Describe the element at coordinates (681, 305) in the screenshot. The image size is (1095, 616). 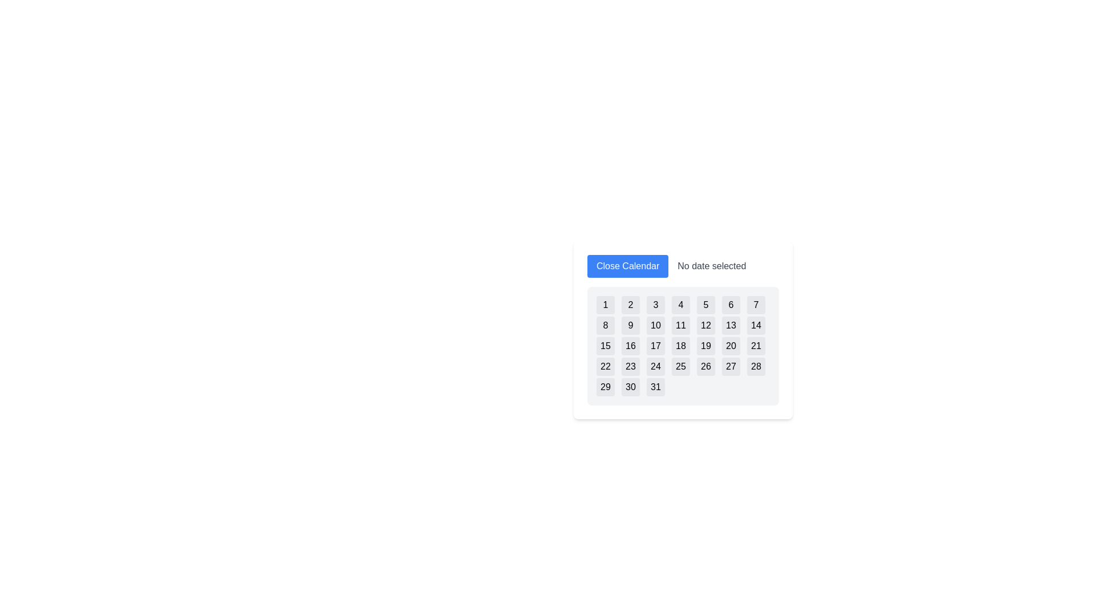
I see `the button representing day '4' in the calendar view` at that location.